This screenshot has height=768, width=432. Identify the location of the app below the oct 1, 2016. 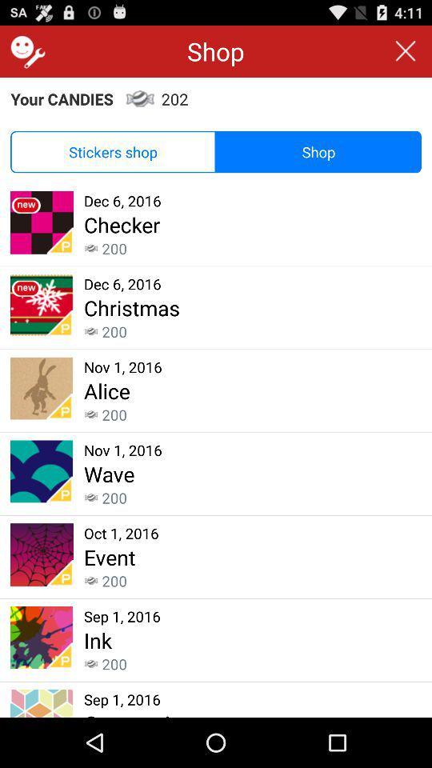
(109, 557).